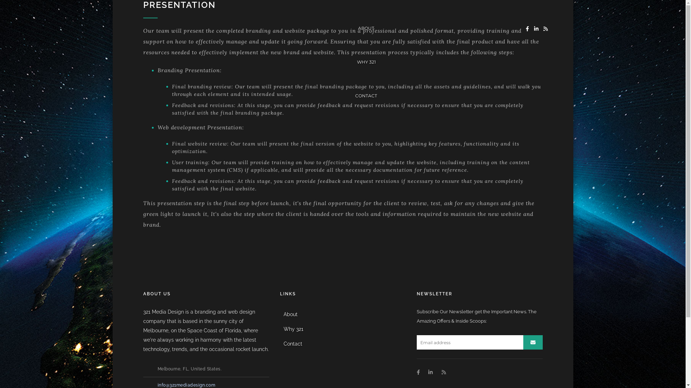 The image size is (691, 388). I want to click on 'Instagram', so click(536, 28).